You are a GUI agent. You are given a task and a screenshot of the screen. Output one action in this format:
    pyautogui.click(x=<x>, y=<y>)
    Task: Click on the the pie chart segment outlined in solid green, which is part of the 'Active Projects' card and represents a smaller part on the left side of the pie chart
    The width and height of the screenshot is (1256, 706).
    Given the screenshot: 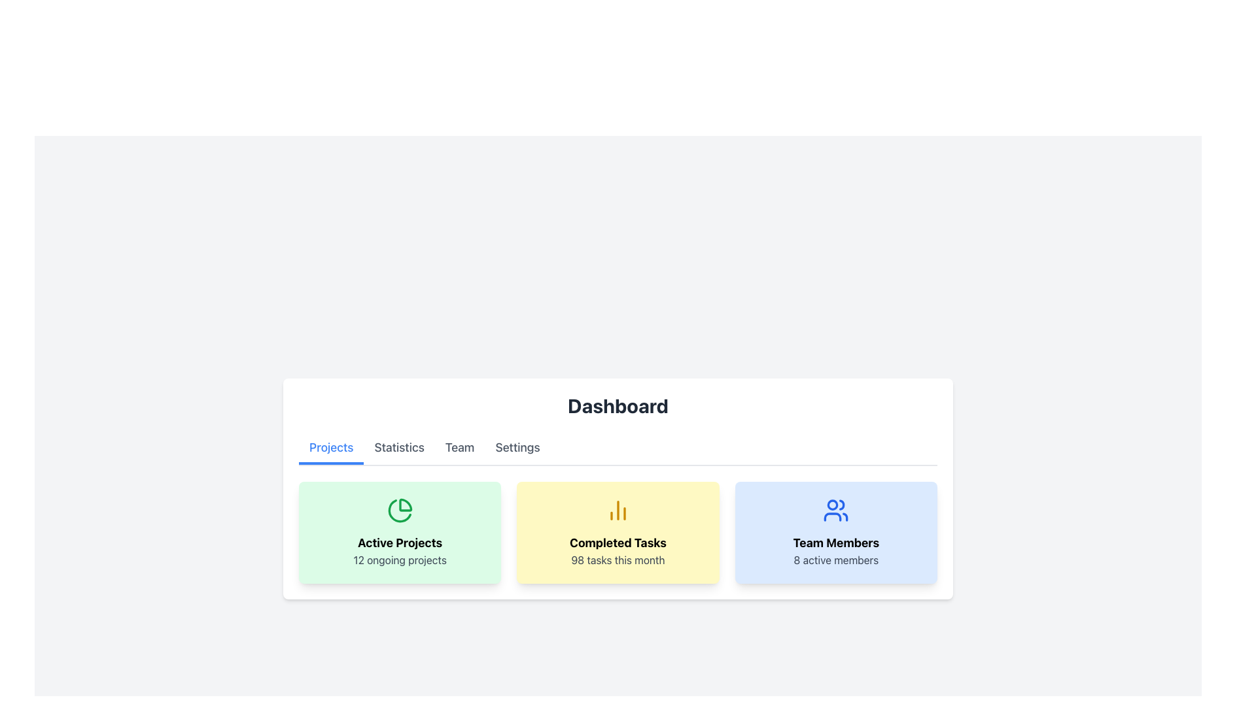 What is the action you would take?
    pyautogui.click(x=404, y=504)
    